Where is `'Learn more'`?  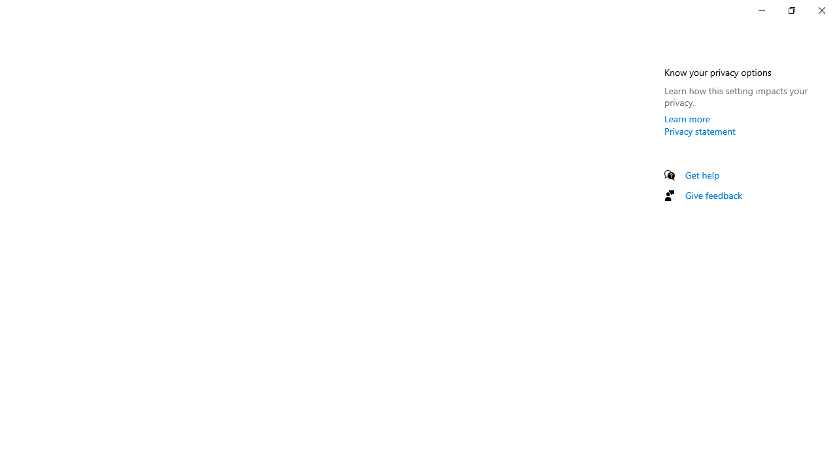 'Learn more' is located at coordinates (687, 118).